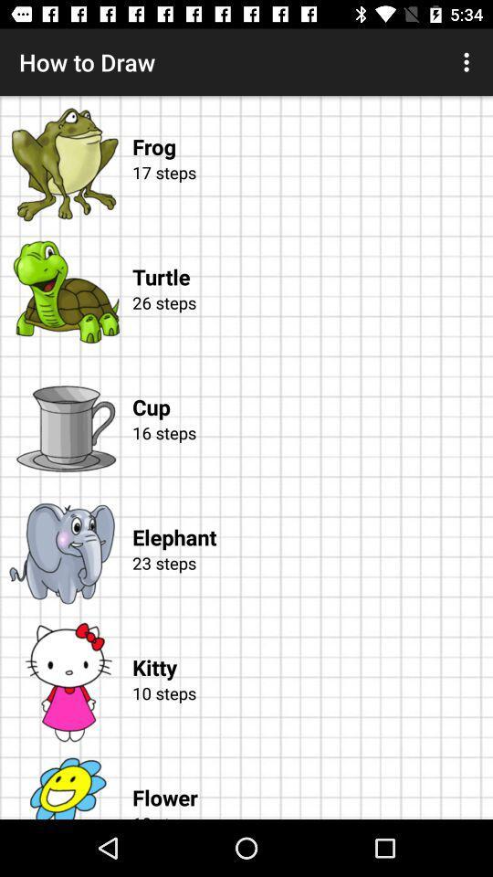  What do you see at coordinates (309, 583) in the screenshot?
I see `icon below the elephant` at bounding box center [309, 583].